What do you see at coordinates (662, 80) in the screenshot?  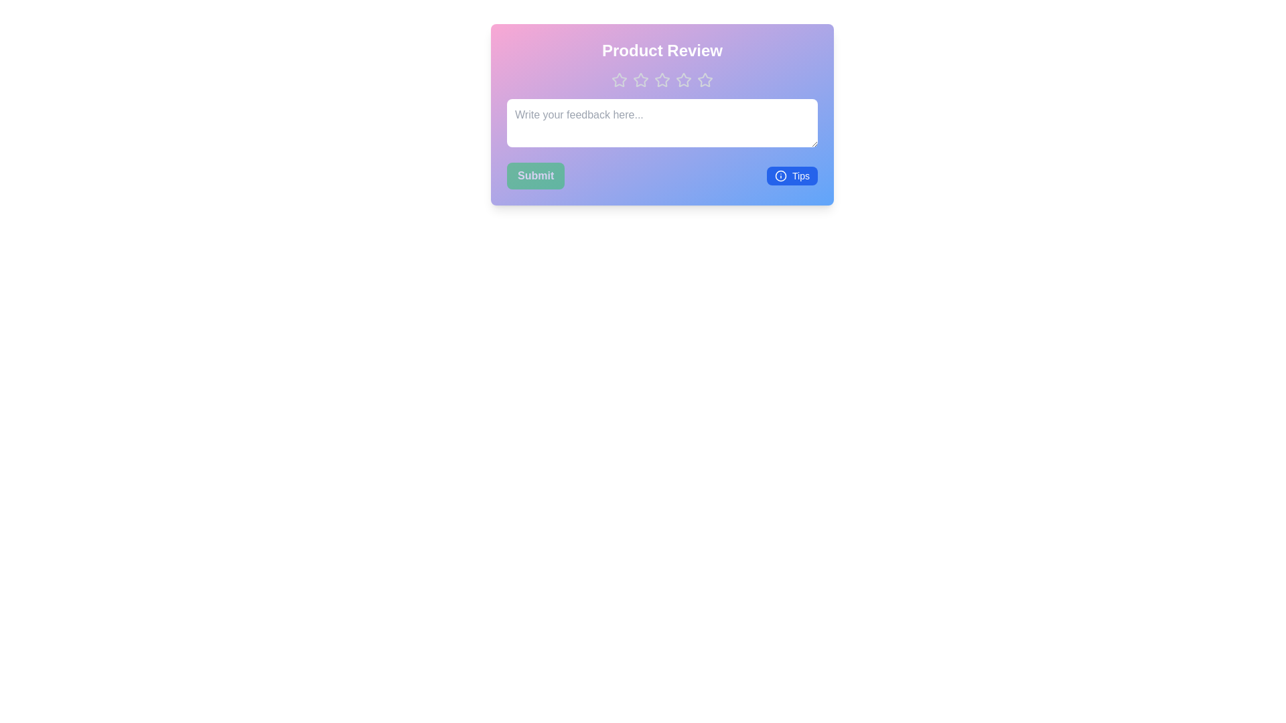 I see `the star corresponding to 3 stars to set the rating` at bounding box center [662, 80].